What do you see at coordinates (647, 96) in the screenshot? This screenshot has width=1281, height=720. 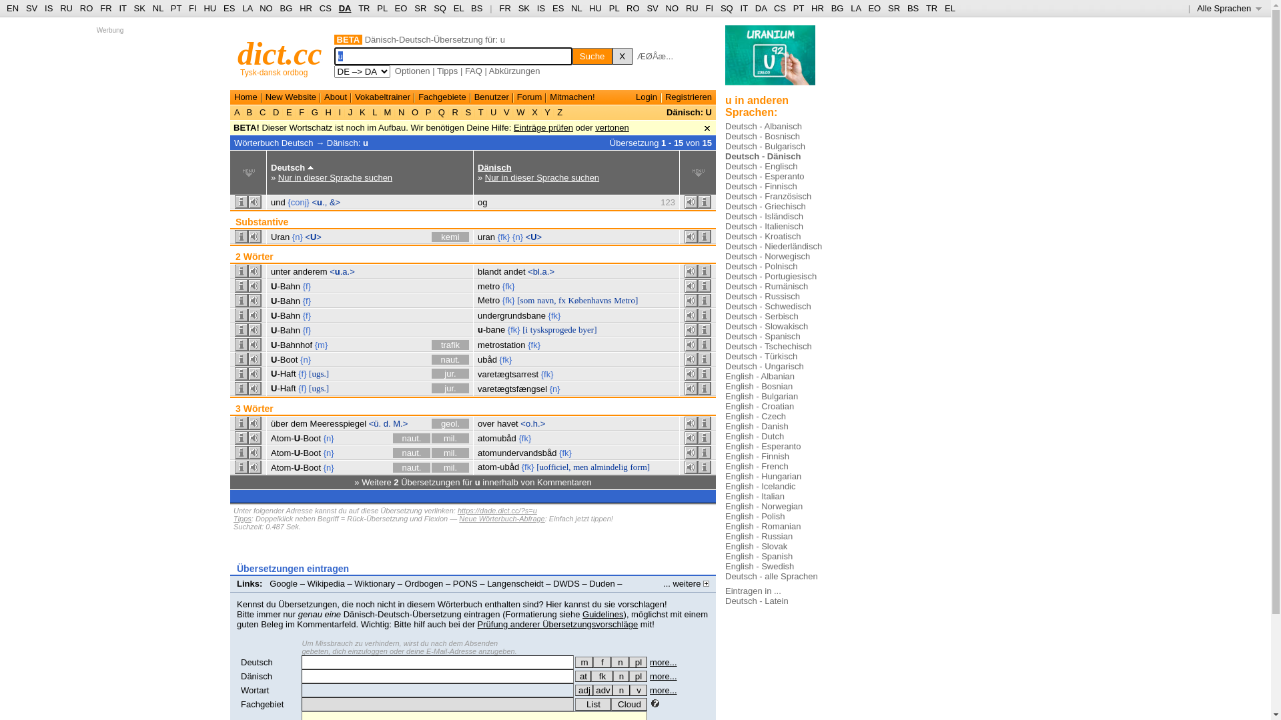 I see `'Login'` at bounding box center [647, 96].